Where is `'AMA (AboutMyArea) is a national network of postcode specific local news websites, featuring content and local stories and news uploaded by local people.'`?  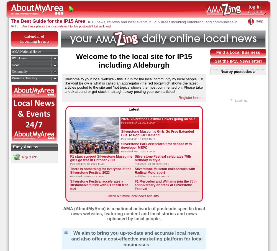
'AMA (AboutMyArea) is a national network of postcode specific local news websites, featuring content and local stories and news uploaded by local people.' is located at coordinates (134, 214).